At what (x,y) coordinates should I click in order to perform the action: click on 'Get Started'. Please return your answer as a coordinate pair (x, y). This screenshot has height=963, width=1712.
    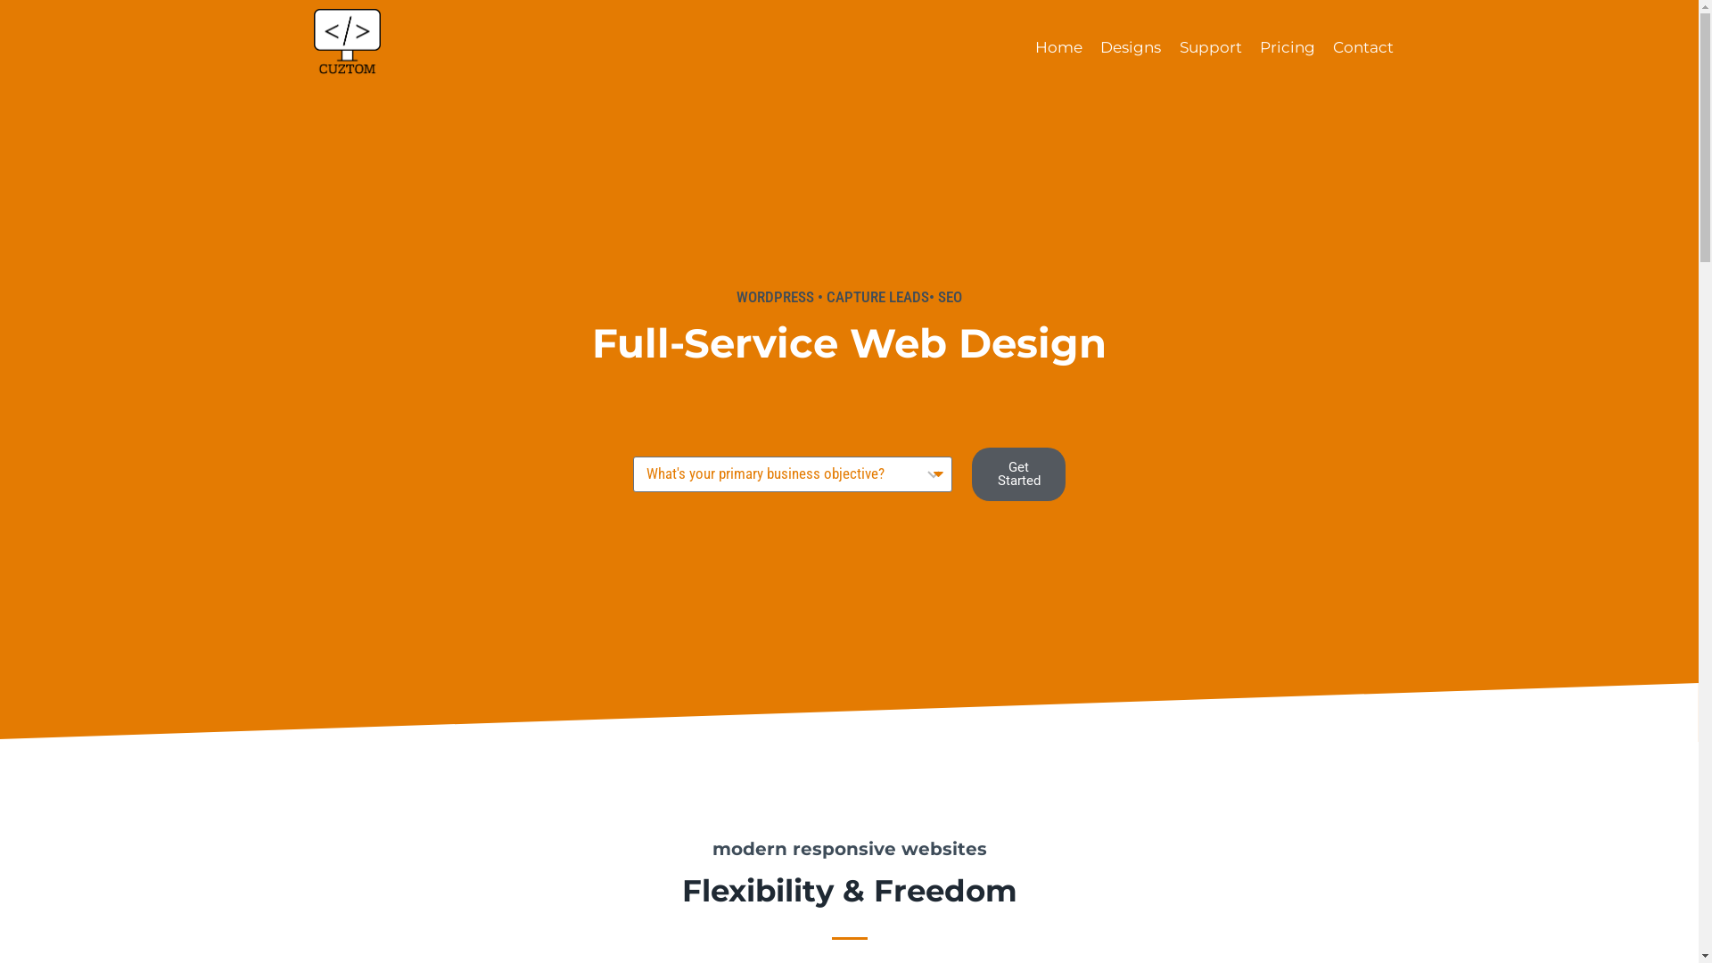
    Looking at the image, I should click on (1018, 473).